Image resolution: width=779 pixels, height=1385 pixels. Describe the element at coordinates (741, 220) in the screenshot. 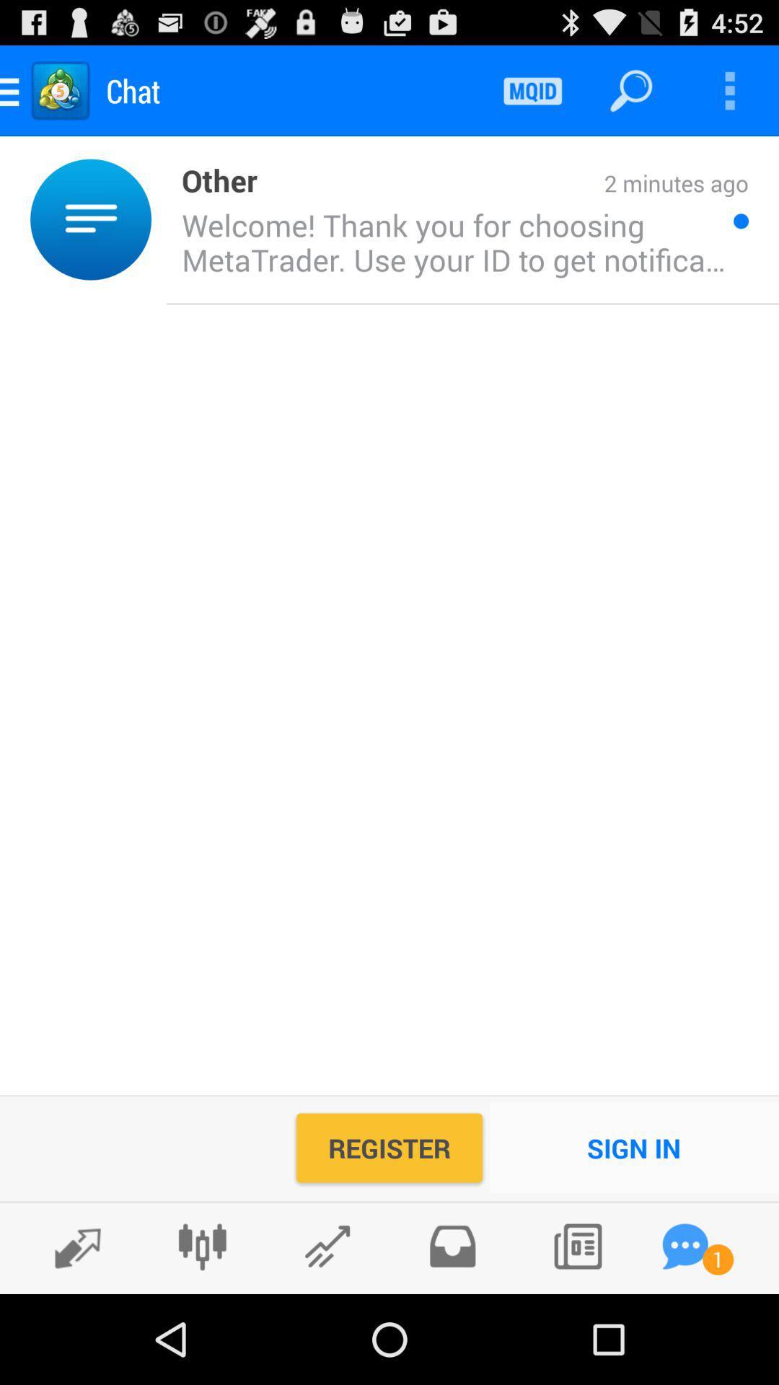

I see `icon next to welcome thank you` at that location.